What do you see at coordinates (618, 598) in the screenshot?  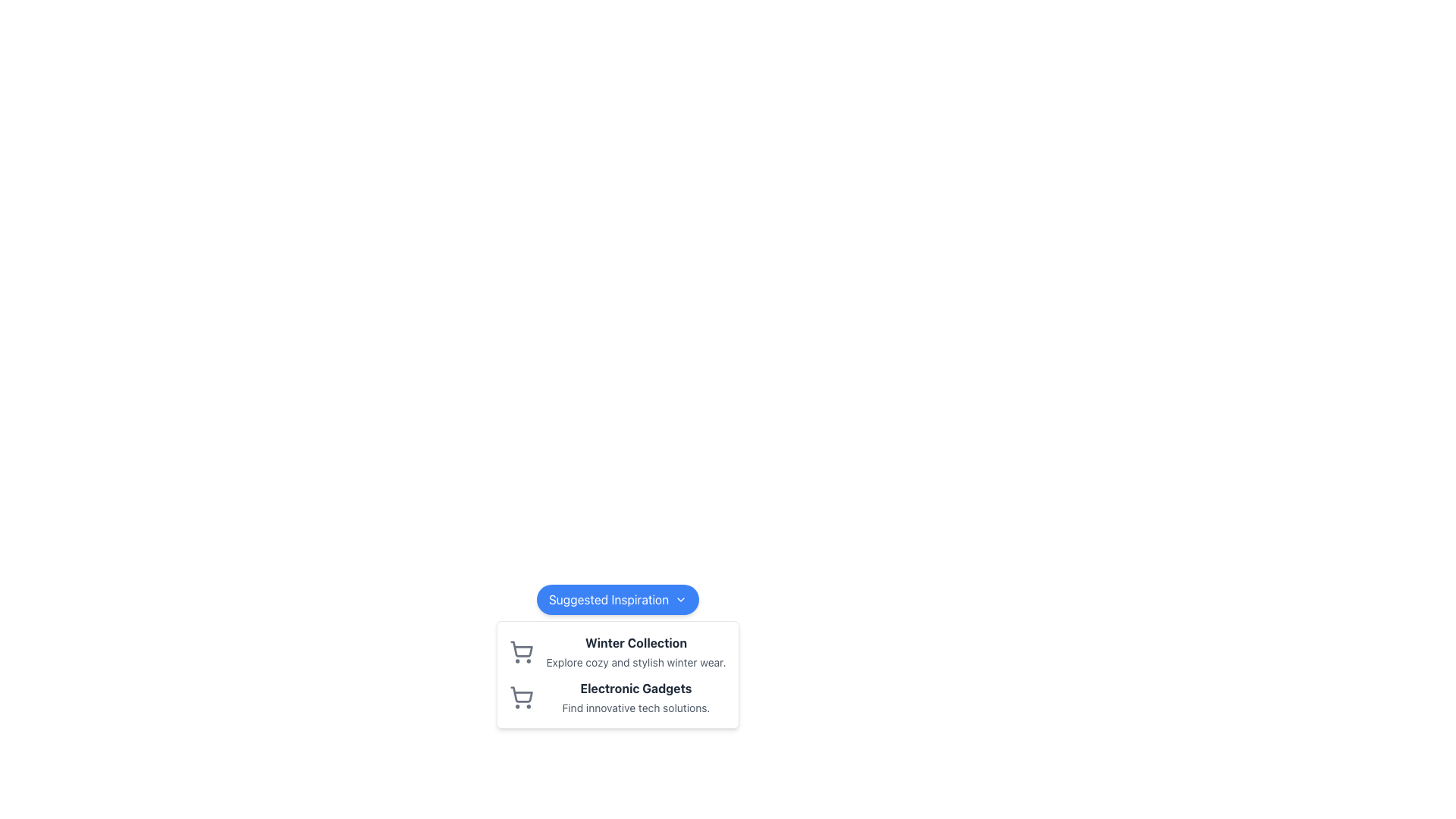 I see `the button with a blue background and white text that says 'Suggested Inspiration', which features a rounded rectangle design and a downward chevron` at bounding box center [618, 598].